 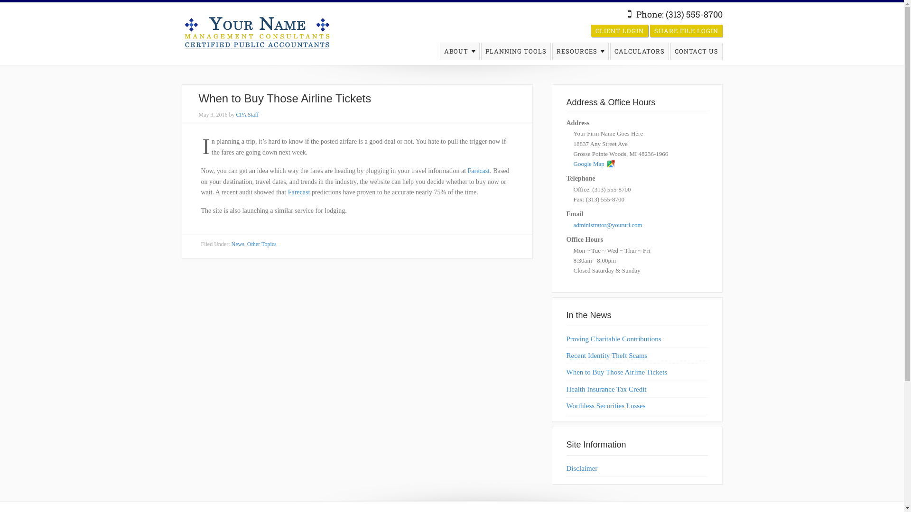 What do you see at coordinates (456, 51) in the screenshot?
I see `'ABOUT'` at bounding box center [456, 51].